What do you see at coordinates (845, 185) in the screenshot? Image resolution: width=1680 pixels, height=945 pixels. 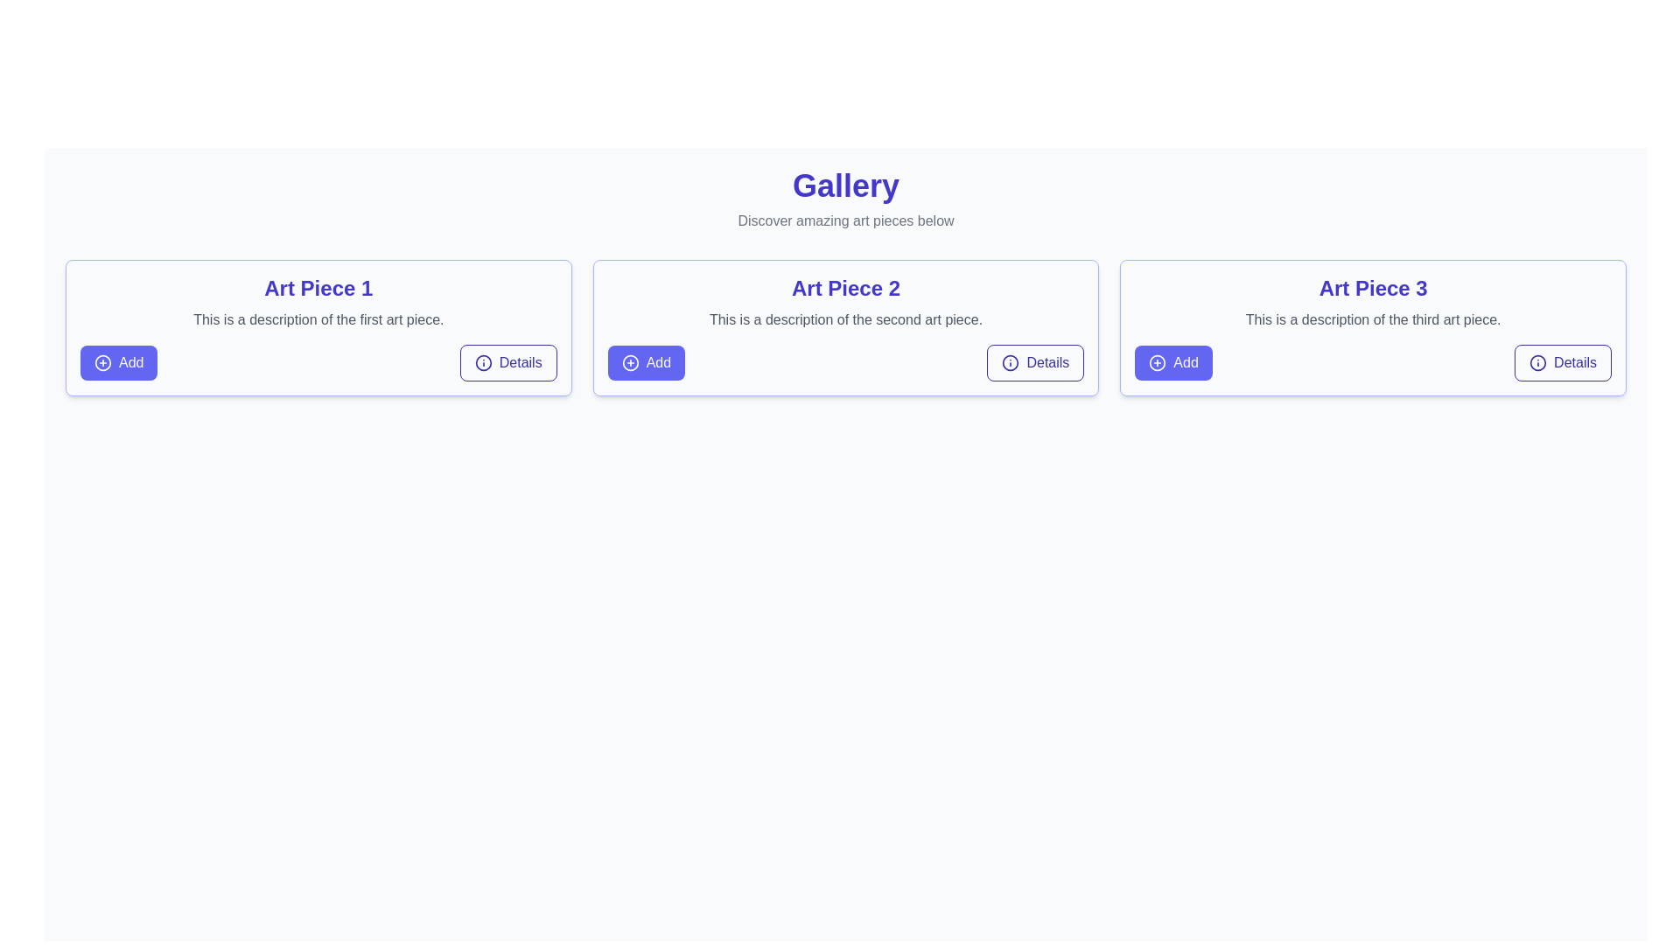 I see `the Text Label at the top center of the interface, which acts as a heading or title for a section` at bounding box center [845, 185].